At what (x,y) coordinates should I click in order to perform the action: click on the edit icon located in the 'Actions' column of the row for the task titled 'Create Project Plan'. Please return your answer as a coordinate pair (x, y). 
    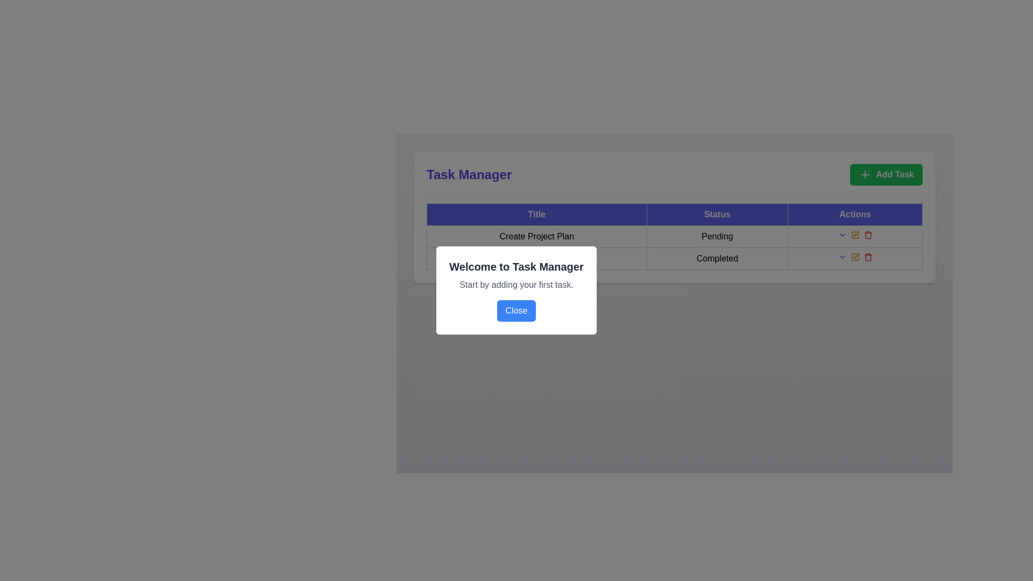
    Looking at the image, I should click on (855, 256).